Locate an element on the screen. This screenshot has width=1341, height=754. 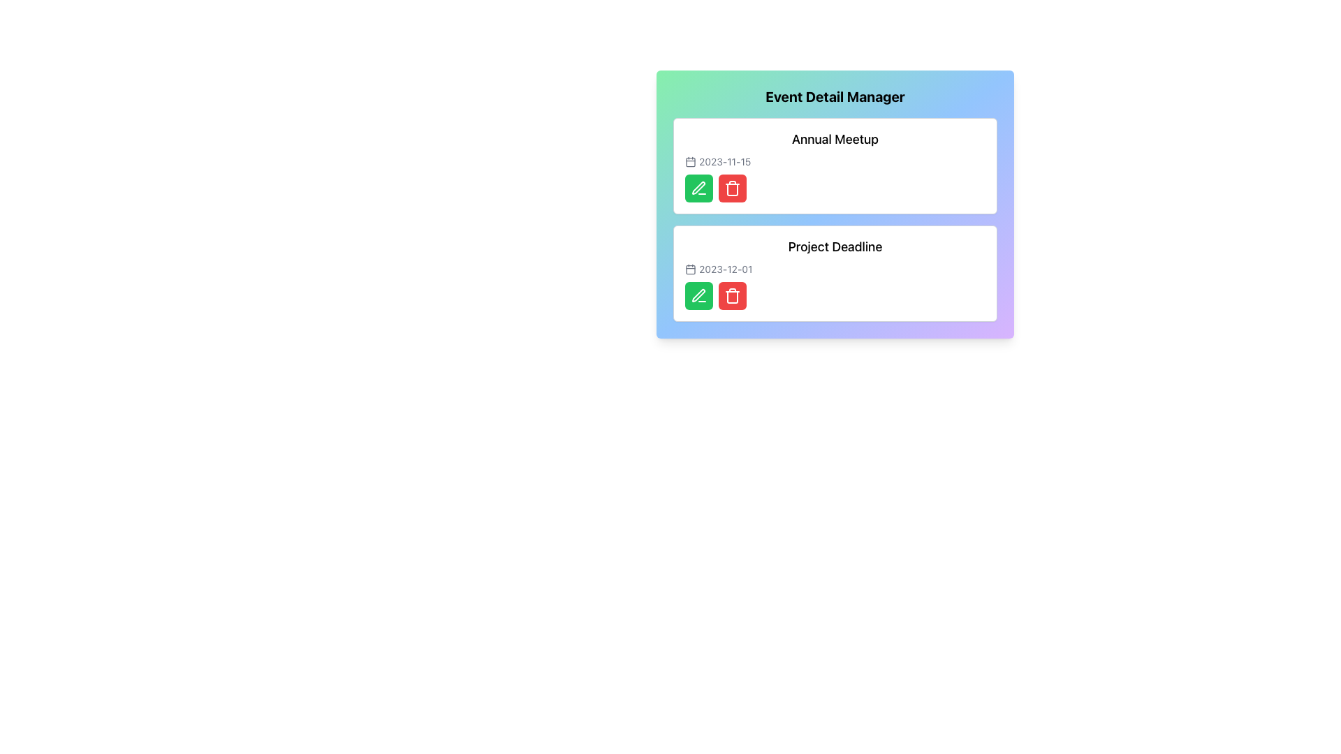
the red trash bin button in the second event entry of the Event Detail Manager is located at coordinates (732, 295).